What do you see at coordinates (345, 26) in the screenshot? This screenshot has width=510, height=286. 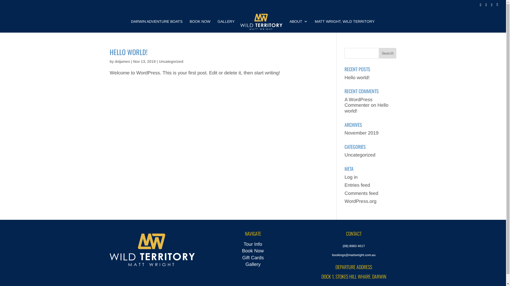 I see `'MATT WRIGHT, WILD TERRITORY'` at bounding box center [345, 26].